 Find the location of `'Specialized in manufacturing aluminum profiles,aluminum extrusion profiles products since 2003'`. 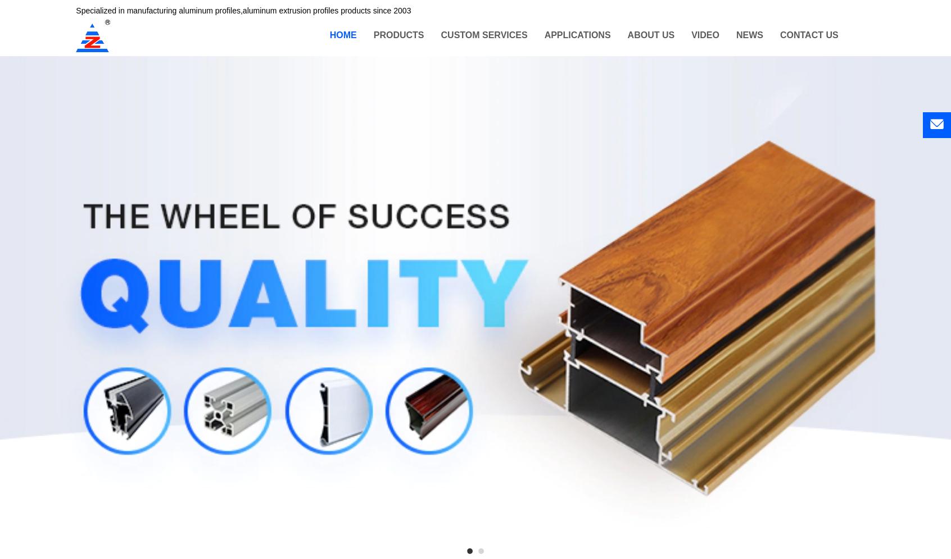

'Specialized in manufacturing aluminum profiles,aluminum extrusion profiles products since 2003' is located at coordinates (242, 11).